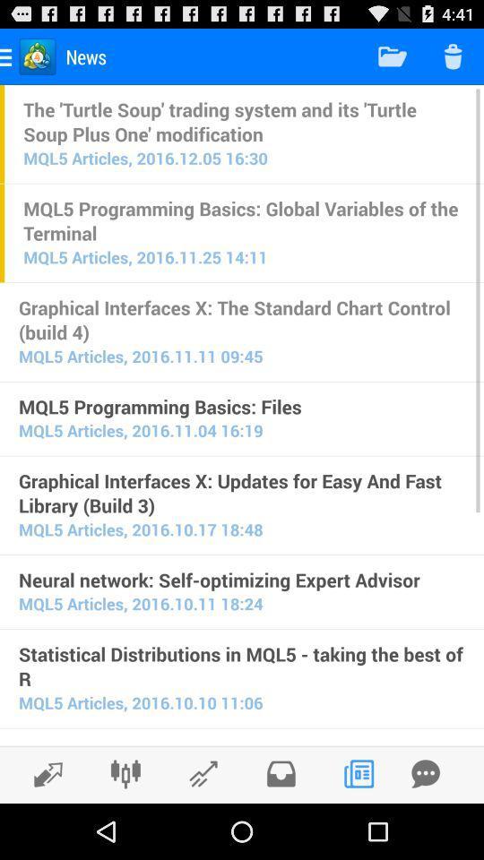 Image resolution: width=484 pixels, height=860 pixels. What do you see at coordinates (203, 828) in the screenshot?
I see `the edit icon` at bounding box center [203, 828].